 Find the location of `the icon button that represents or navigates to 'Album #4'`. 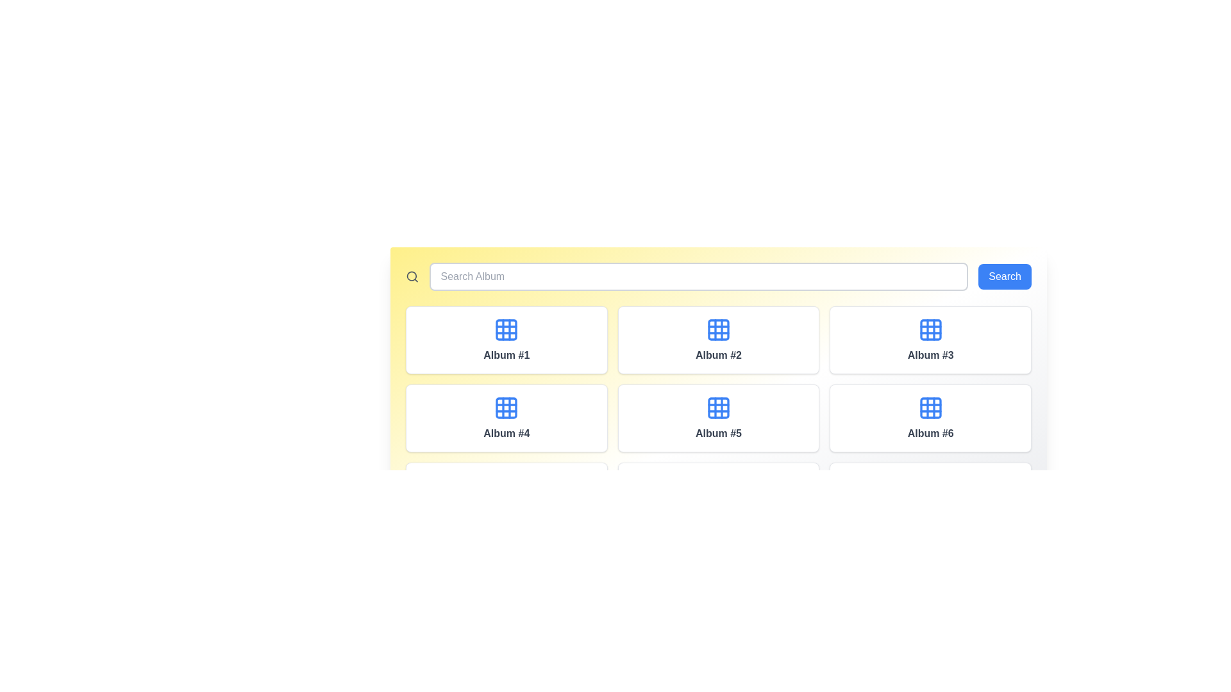

the icon button that represents or navigates to 'Album #4' is located at coordinates (506, 408).